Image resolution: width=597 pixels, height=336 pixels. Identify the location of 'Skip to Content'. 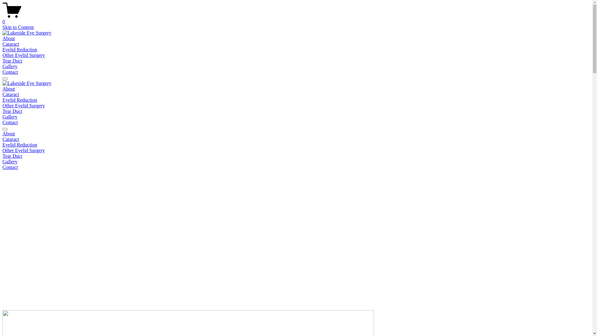
(2, 27).